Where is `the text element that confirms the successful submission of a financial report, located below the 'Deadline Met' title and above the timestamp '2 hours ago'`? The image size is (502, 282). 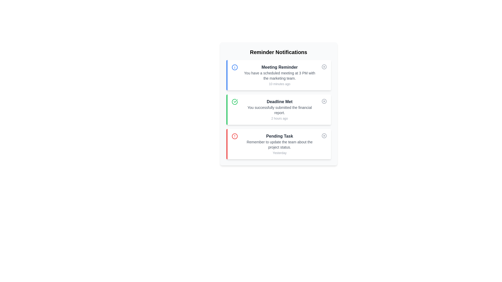
the text element that confirms the successful submission of a financial report, located below the 'Deadline Met' title and above the timestamp '2 hours ago' is located at coordinates (279, 110).